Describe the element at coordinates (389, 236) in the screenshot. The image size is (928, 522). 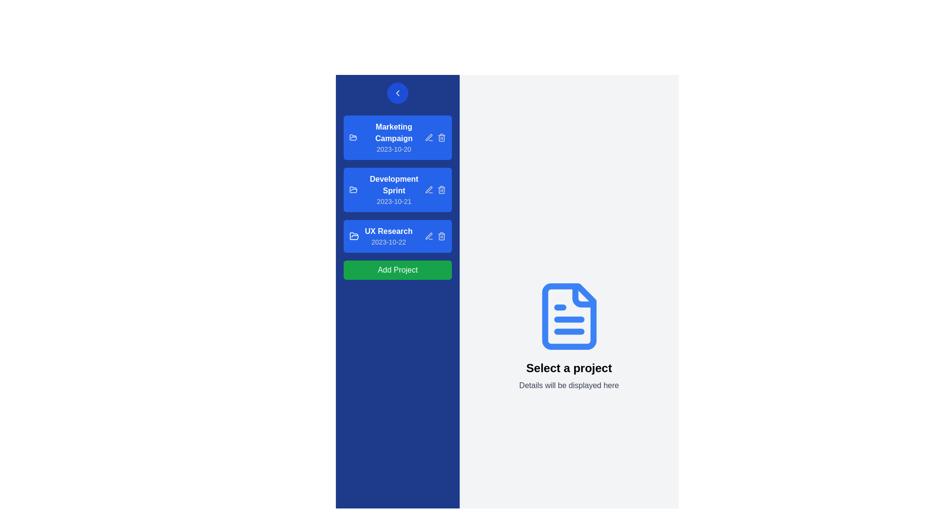
I see `the third list item labeled 'UX Research' within a blue rectangular panel` at that location.